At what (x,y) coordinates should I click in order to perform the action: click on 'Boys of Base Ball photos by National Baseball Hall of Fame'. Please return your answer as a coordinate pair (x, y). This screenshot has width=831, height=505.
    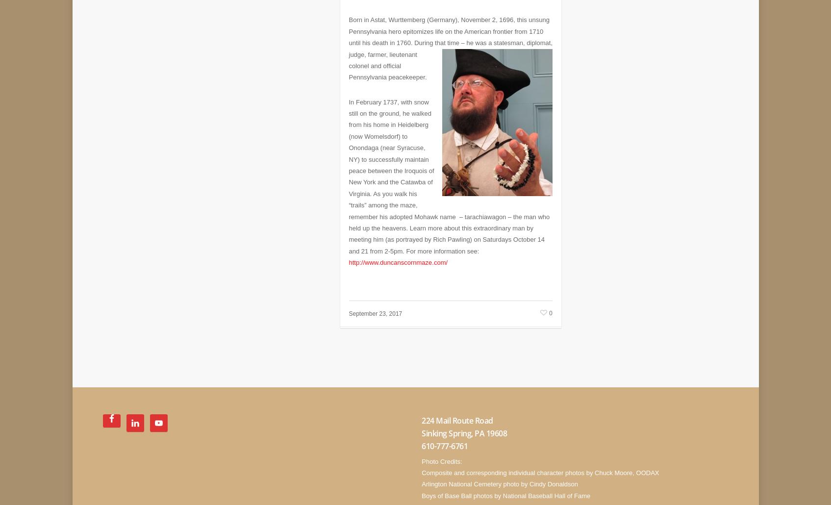
    Looking at the image, I should click on (505, 488).